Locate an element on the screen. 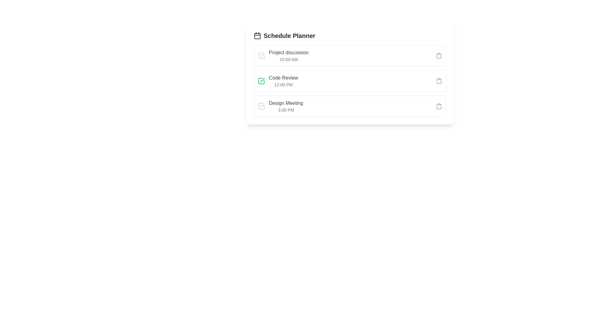  the clipboard icon for the task 'Design Meeting' to access additional options is located at coordinates (439, 106).